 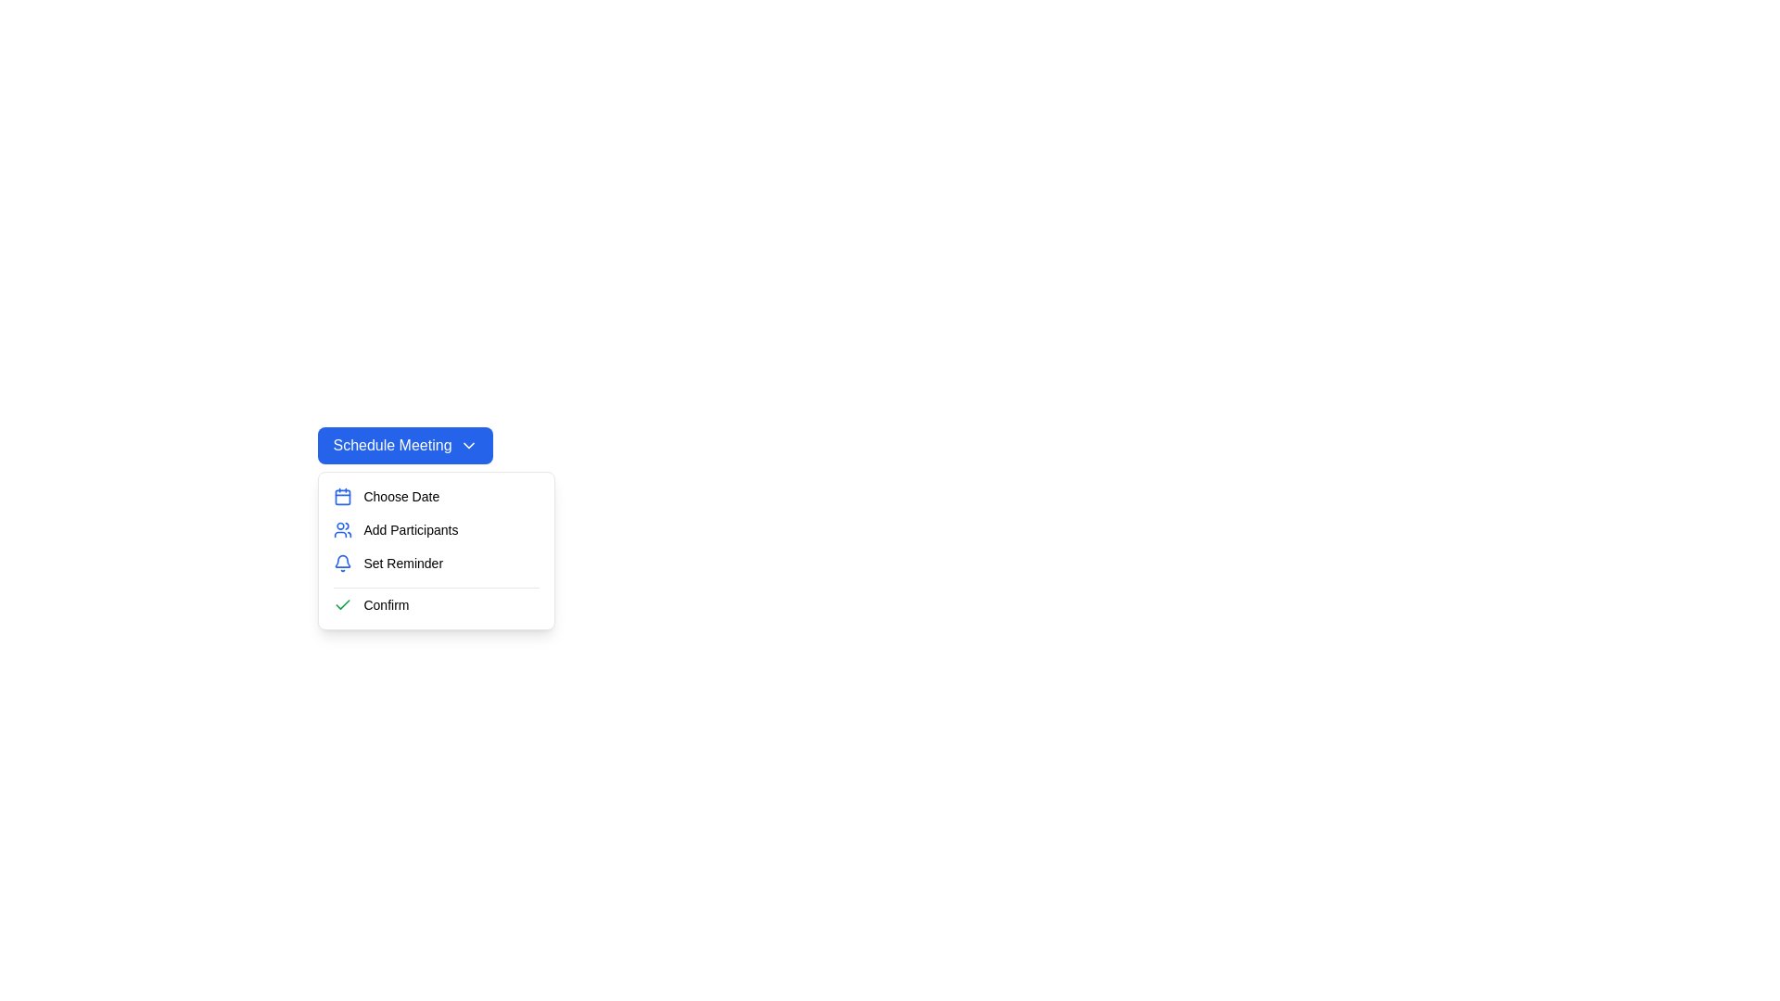 What do you see at coordinates (436, 550) in the screenshot?
I see `the third item` at bounding box center [436, 550].